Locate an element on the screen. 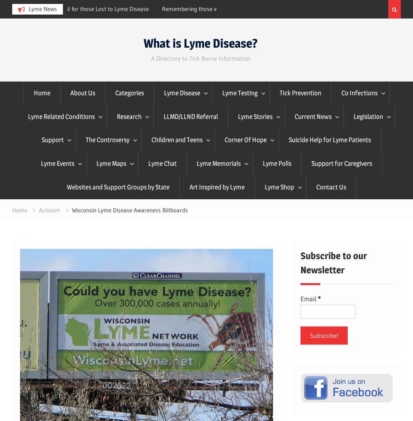 Image resolution: width=413 pixels, height=421 pixels. 'Lyme Chat' is located at coordinates (162, 163).